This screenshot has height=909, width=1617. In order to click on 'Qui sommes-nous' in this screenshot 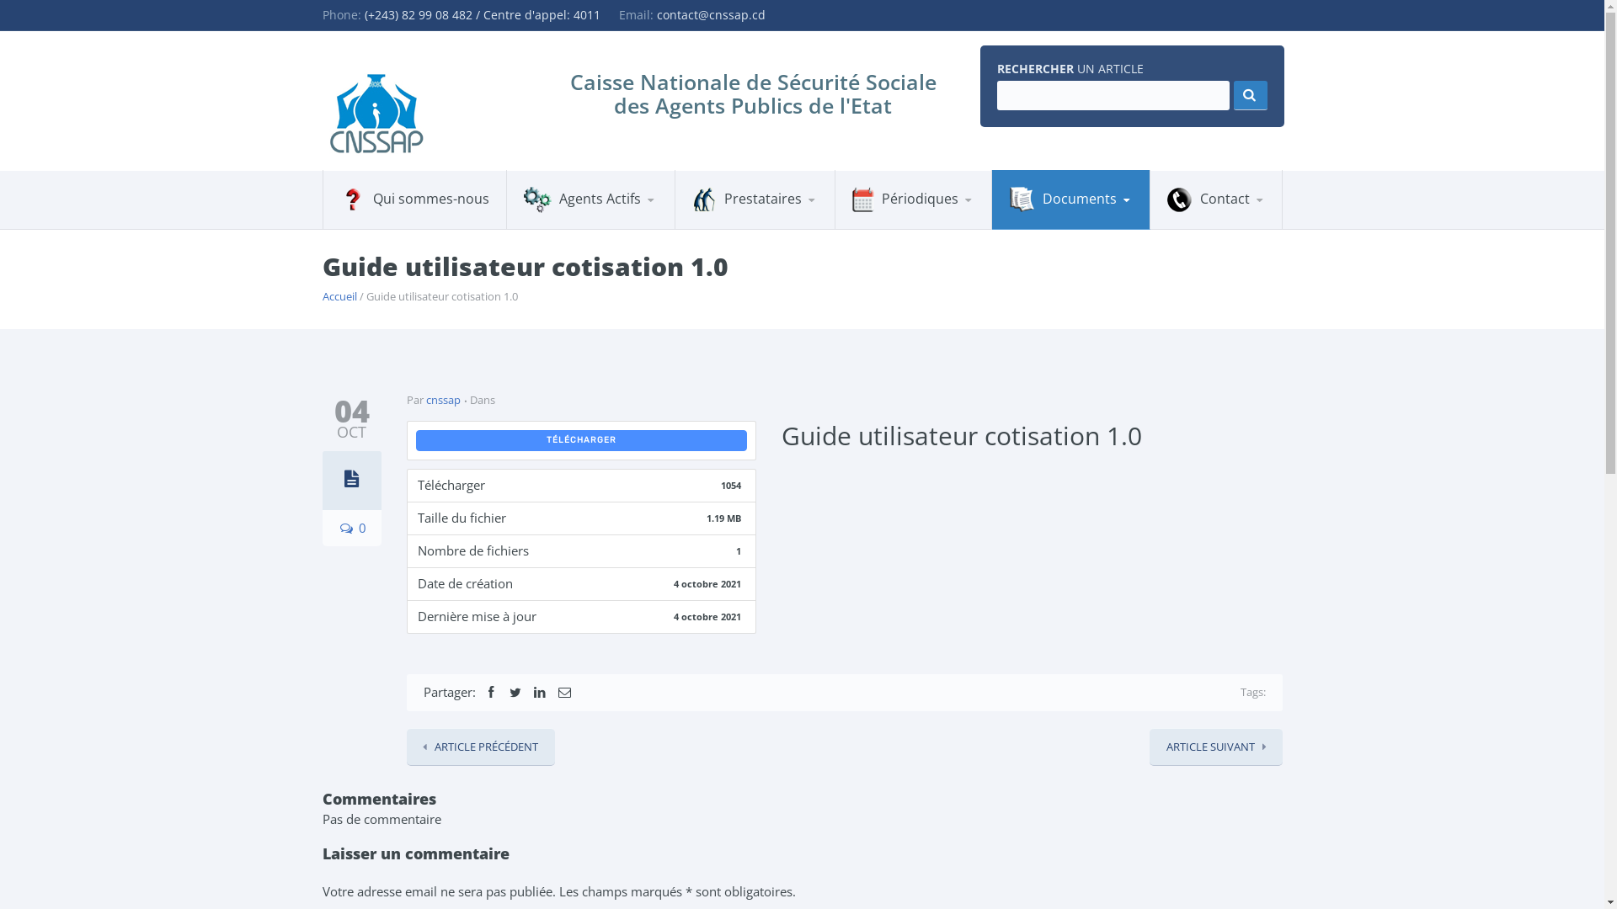, I will do `click(414, 198)`.